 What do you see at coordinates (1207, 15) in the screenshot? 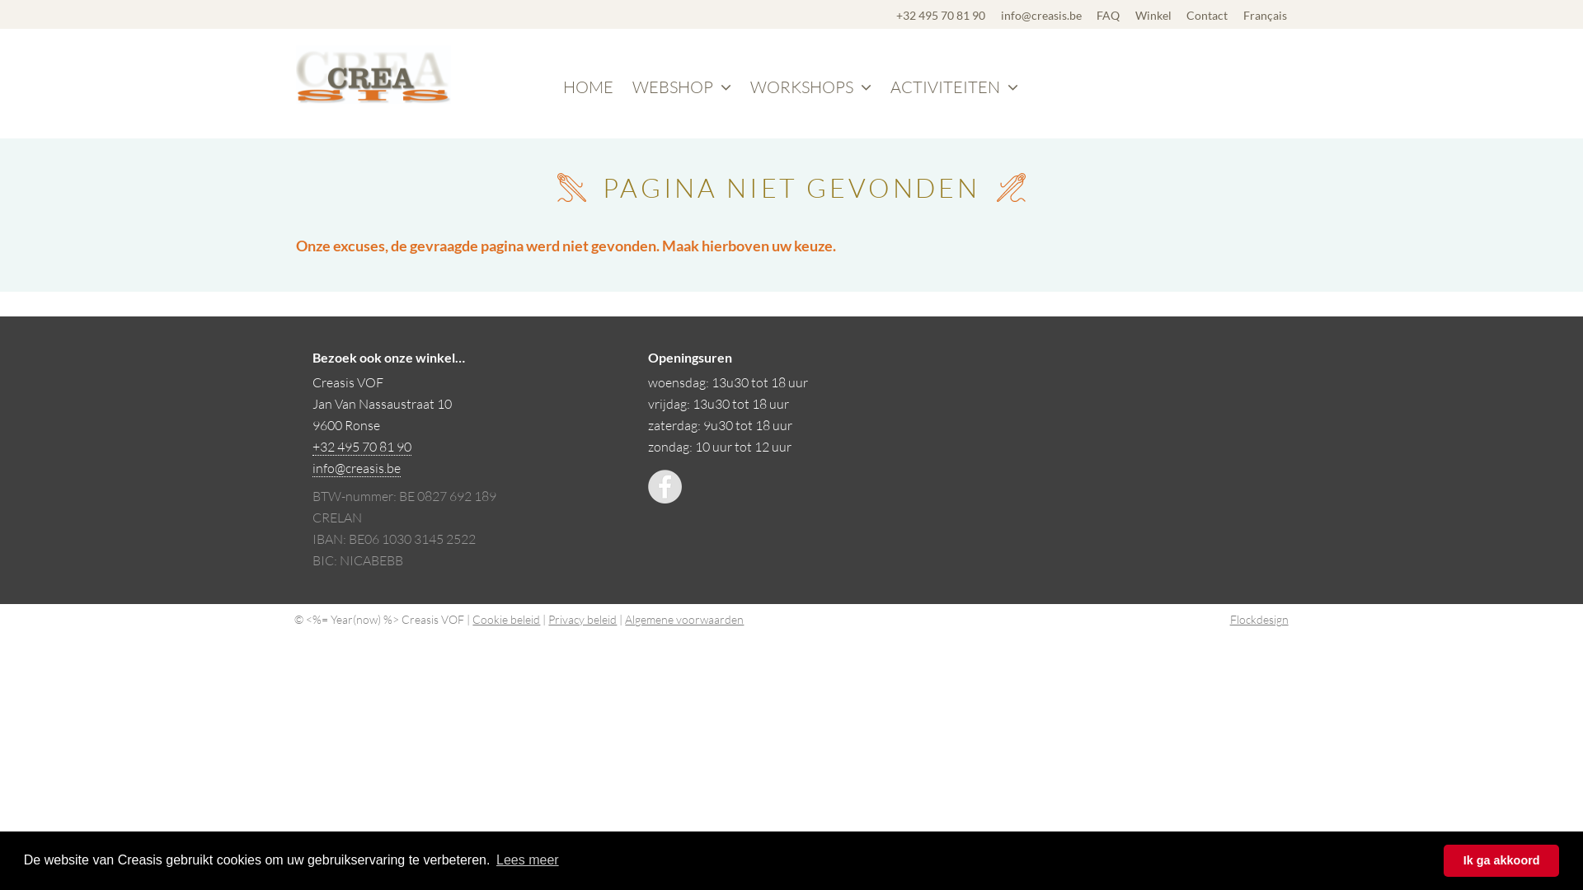
I see `'Contact'` at bounding box center [1207, 15].